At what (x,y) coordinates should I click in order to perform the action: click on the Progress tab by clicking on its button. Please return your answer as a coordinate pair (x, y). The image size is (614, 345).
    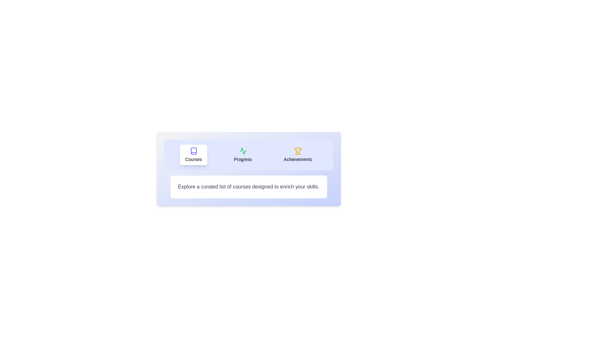
    Looking at the image, I should click on (242, 155).